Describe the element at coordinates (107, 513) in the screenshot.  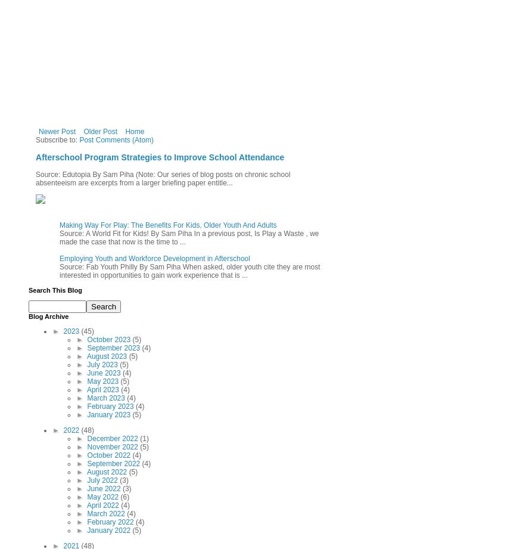
I see `'March 2022'` at that location.